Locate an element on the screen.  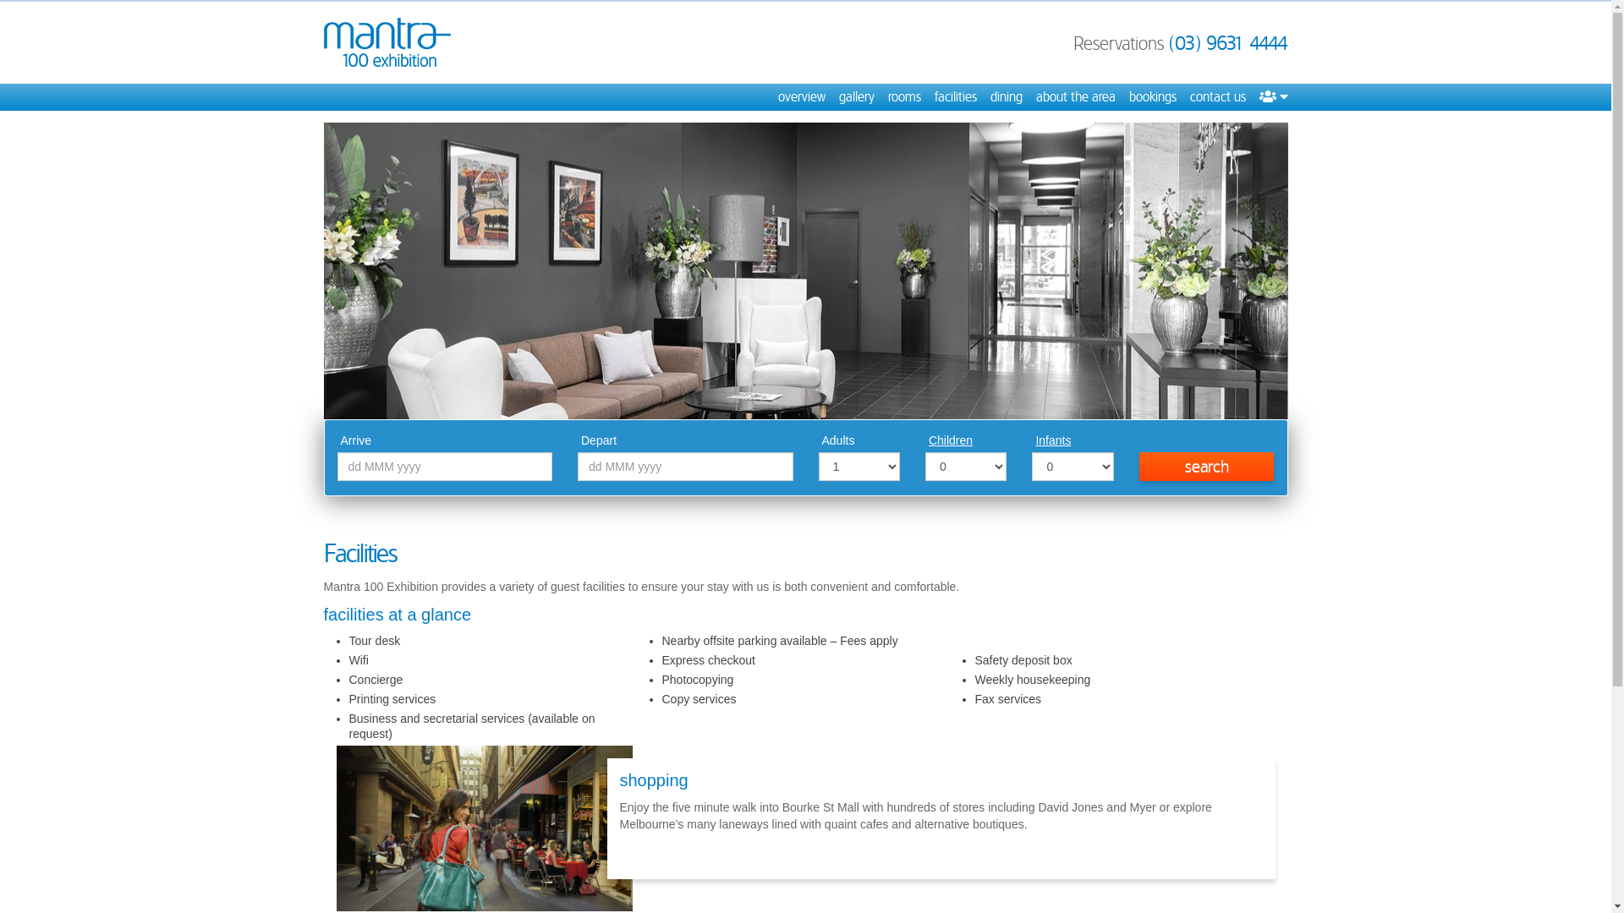
'Mantra 100 Exhibition' is located at coordinates (385, 41).